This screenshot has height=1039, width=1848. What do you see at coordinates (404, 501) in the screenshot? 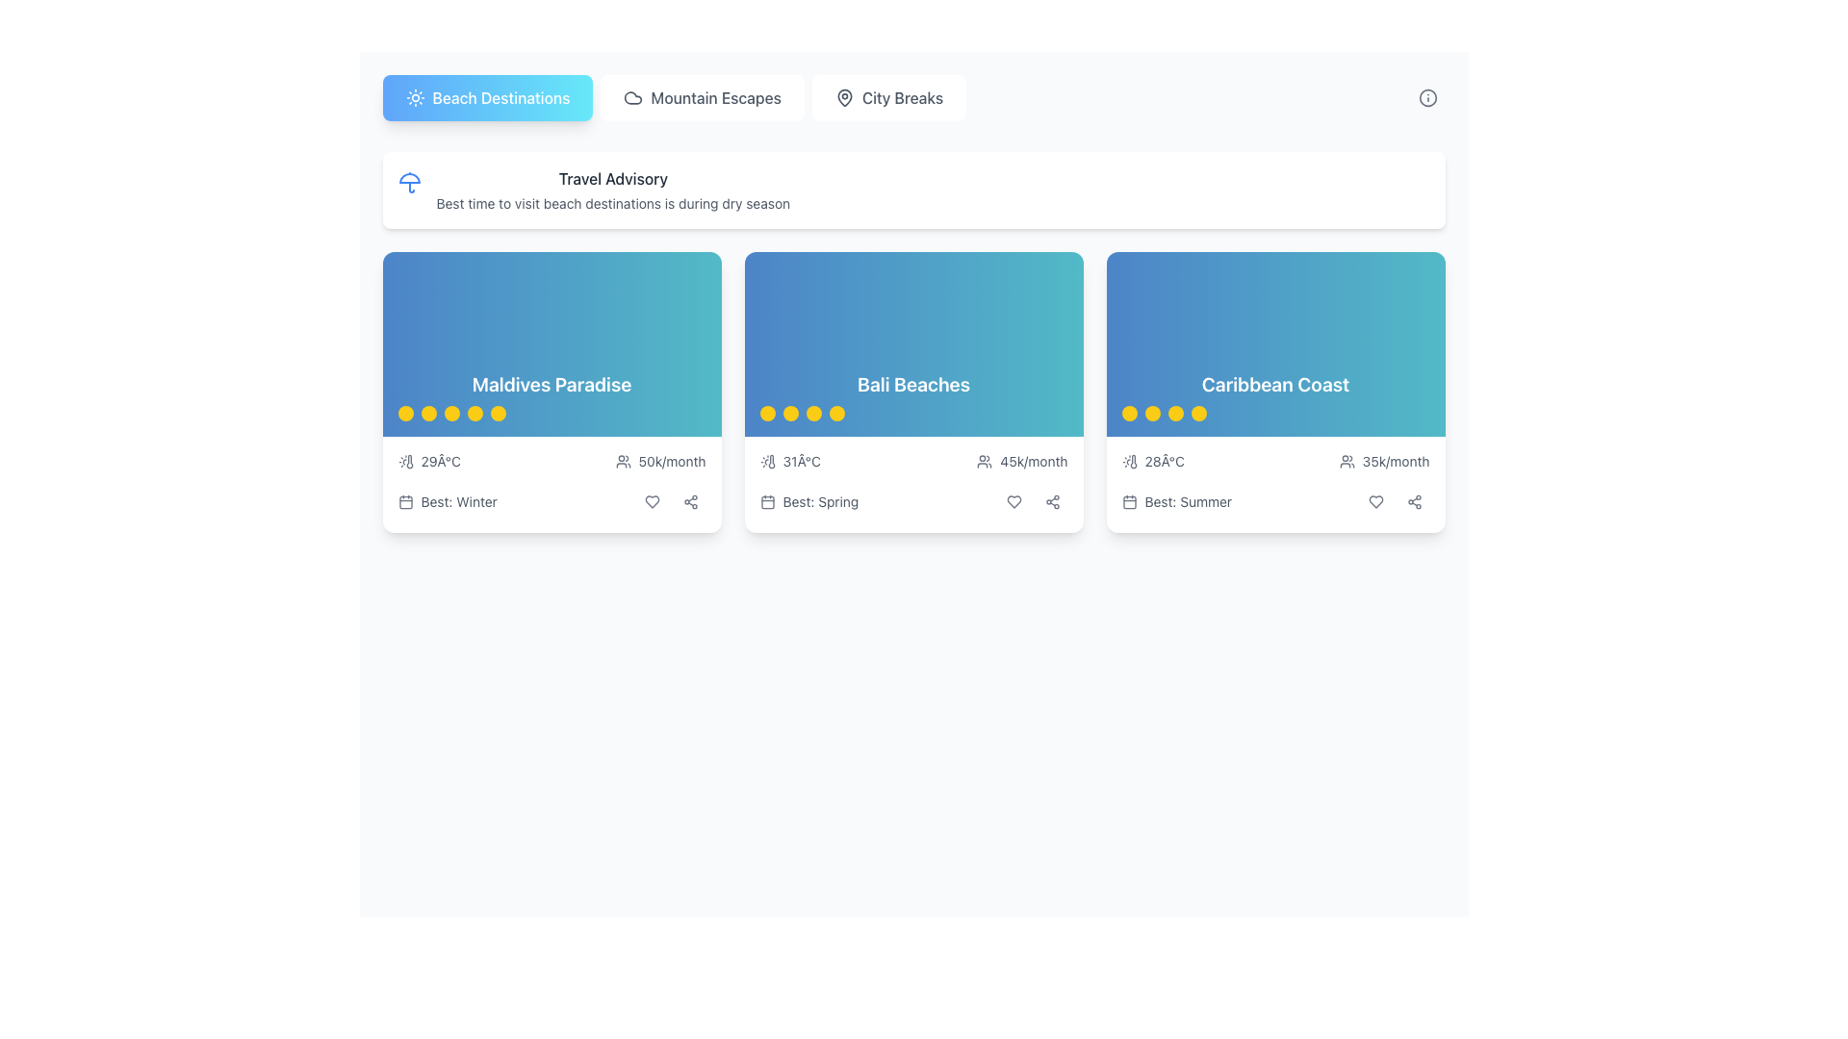
I see `the main rectangular area inside the calendar icon located below the 'Best' text in the card for 'Maldives Paradise'` at bounding box center [404, 501].